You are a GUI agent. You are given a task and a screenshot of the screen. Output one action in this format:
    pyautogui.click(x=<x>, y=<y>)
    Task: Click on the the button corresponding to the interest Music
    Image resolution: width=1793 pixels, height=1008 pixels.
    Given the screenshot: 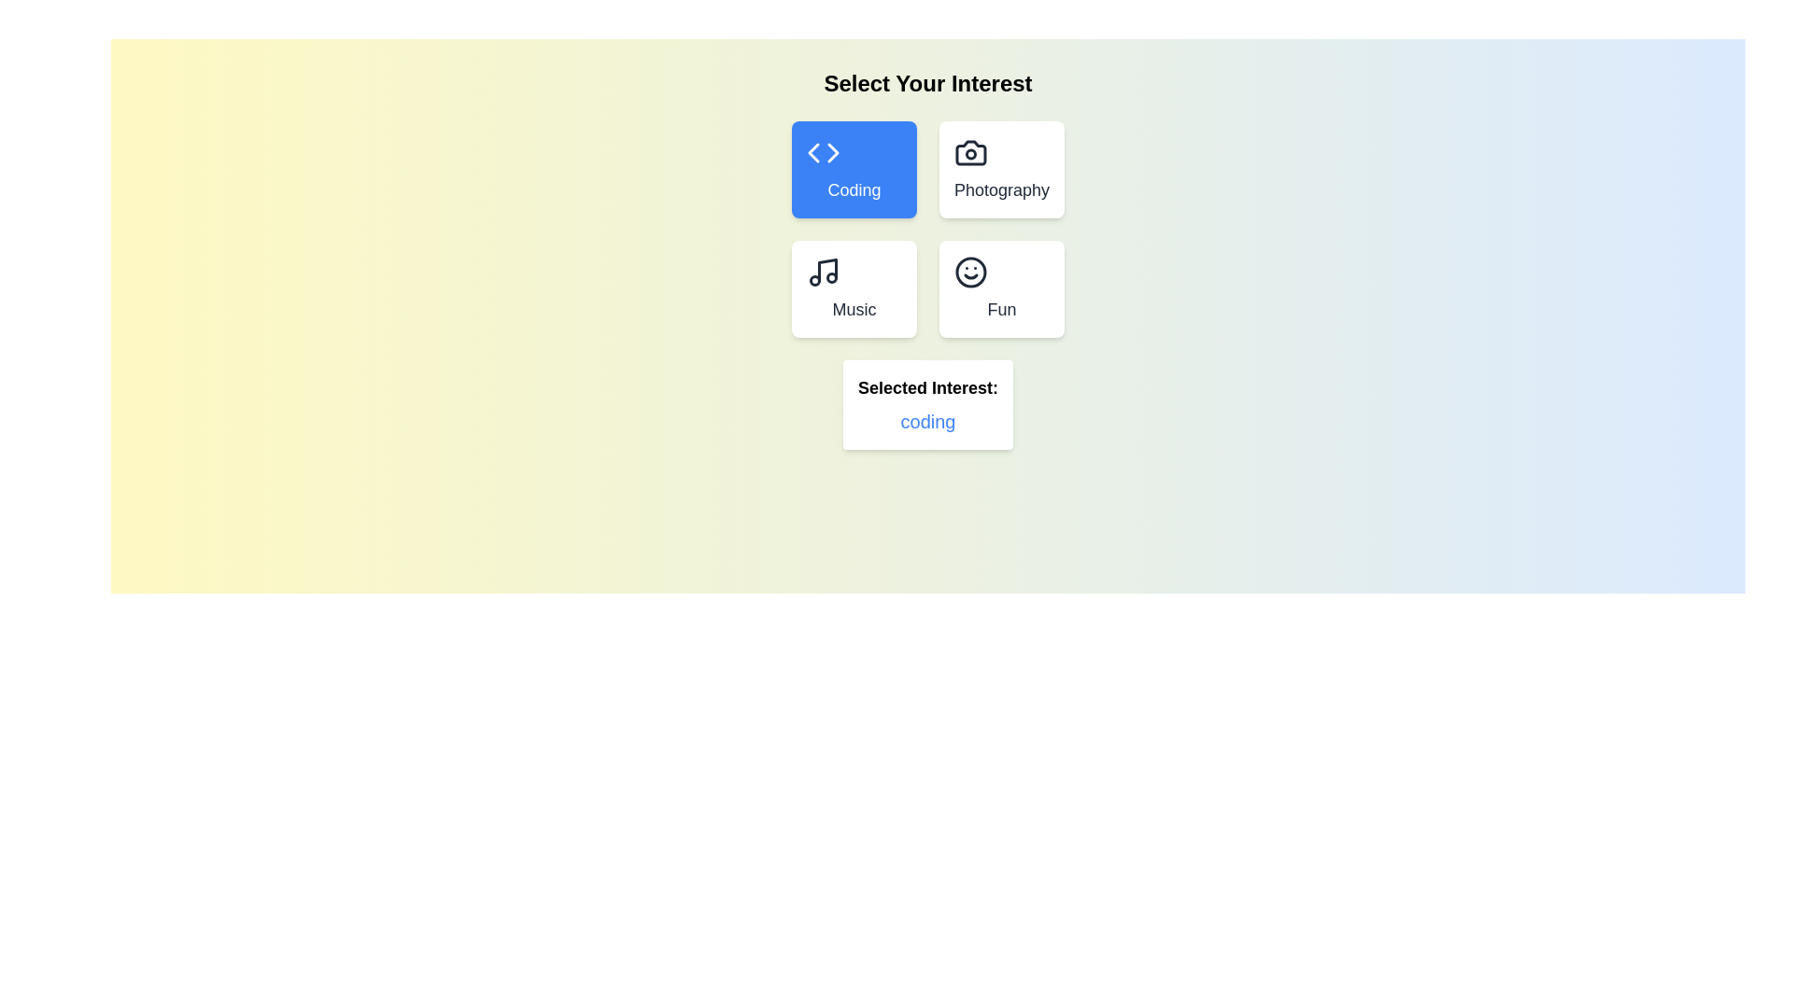 What is the action you would take?
    pyautogui.click(x=853, y=288)
    